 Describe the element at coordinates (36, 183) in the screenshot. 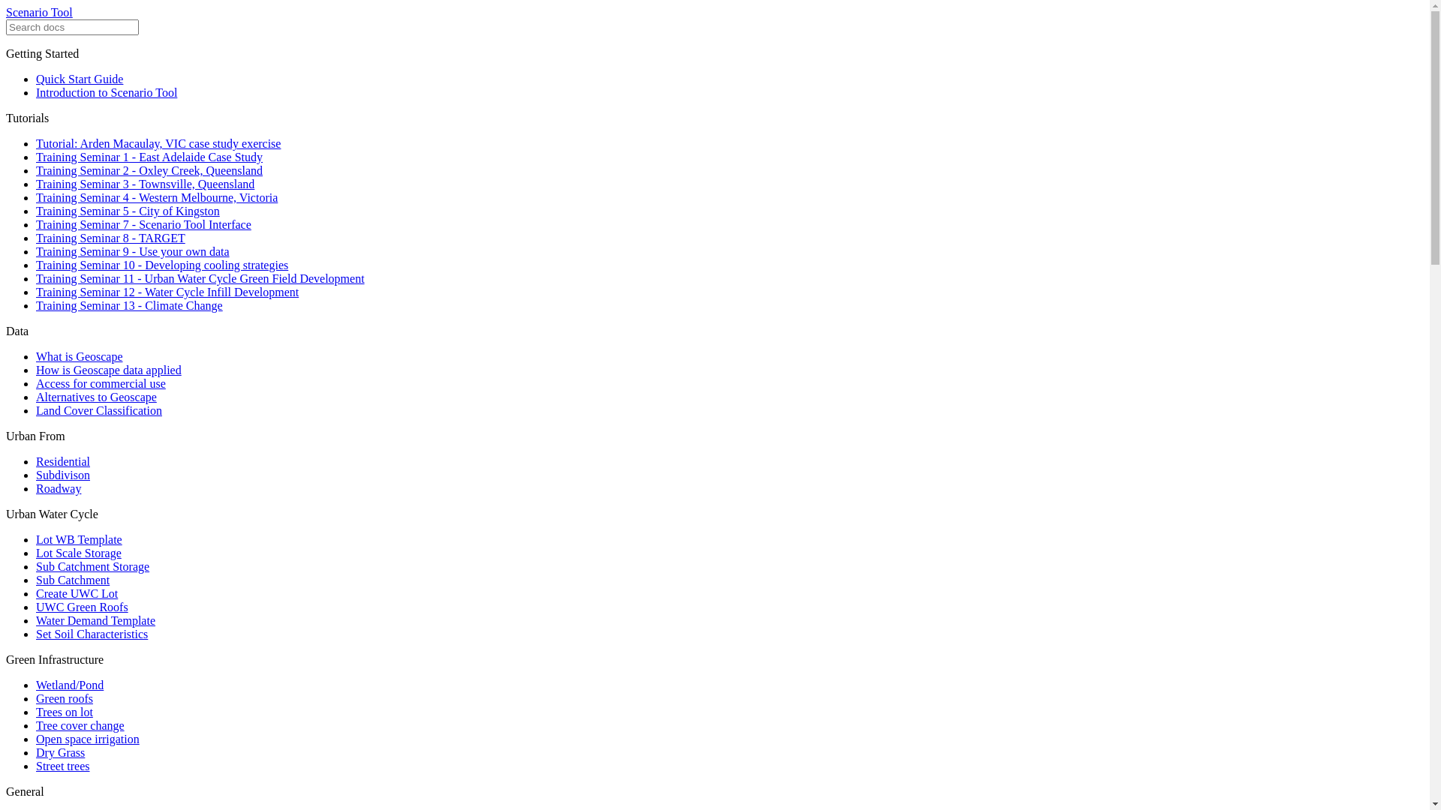

I see `'Training Seminar 3 - Townsville, Queensland'` at that location.